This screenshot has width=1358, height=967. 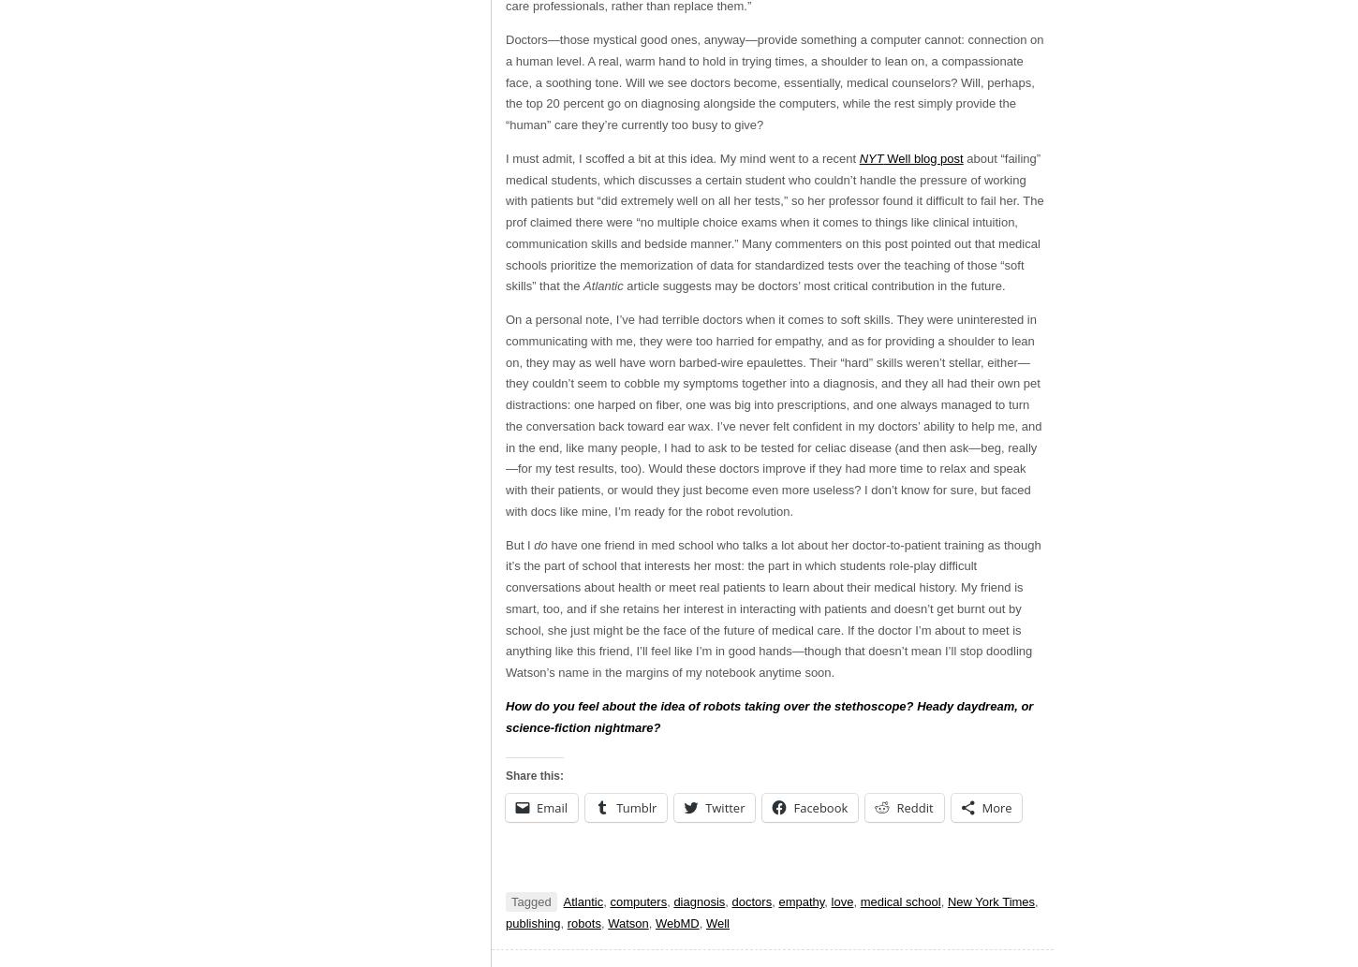 What do you see at coordinates (566, 921) in the screenshot?
I see `'robots'` at bounding box center [566, 921].